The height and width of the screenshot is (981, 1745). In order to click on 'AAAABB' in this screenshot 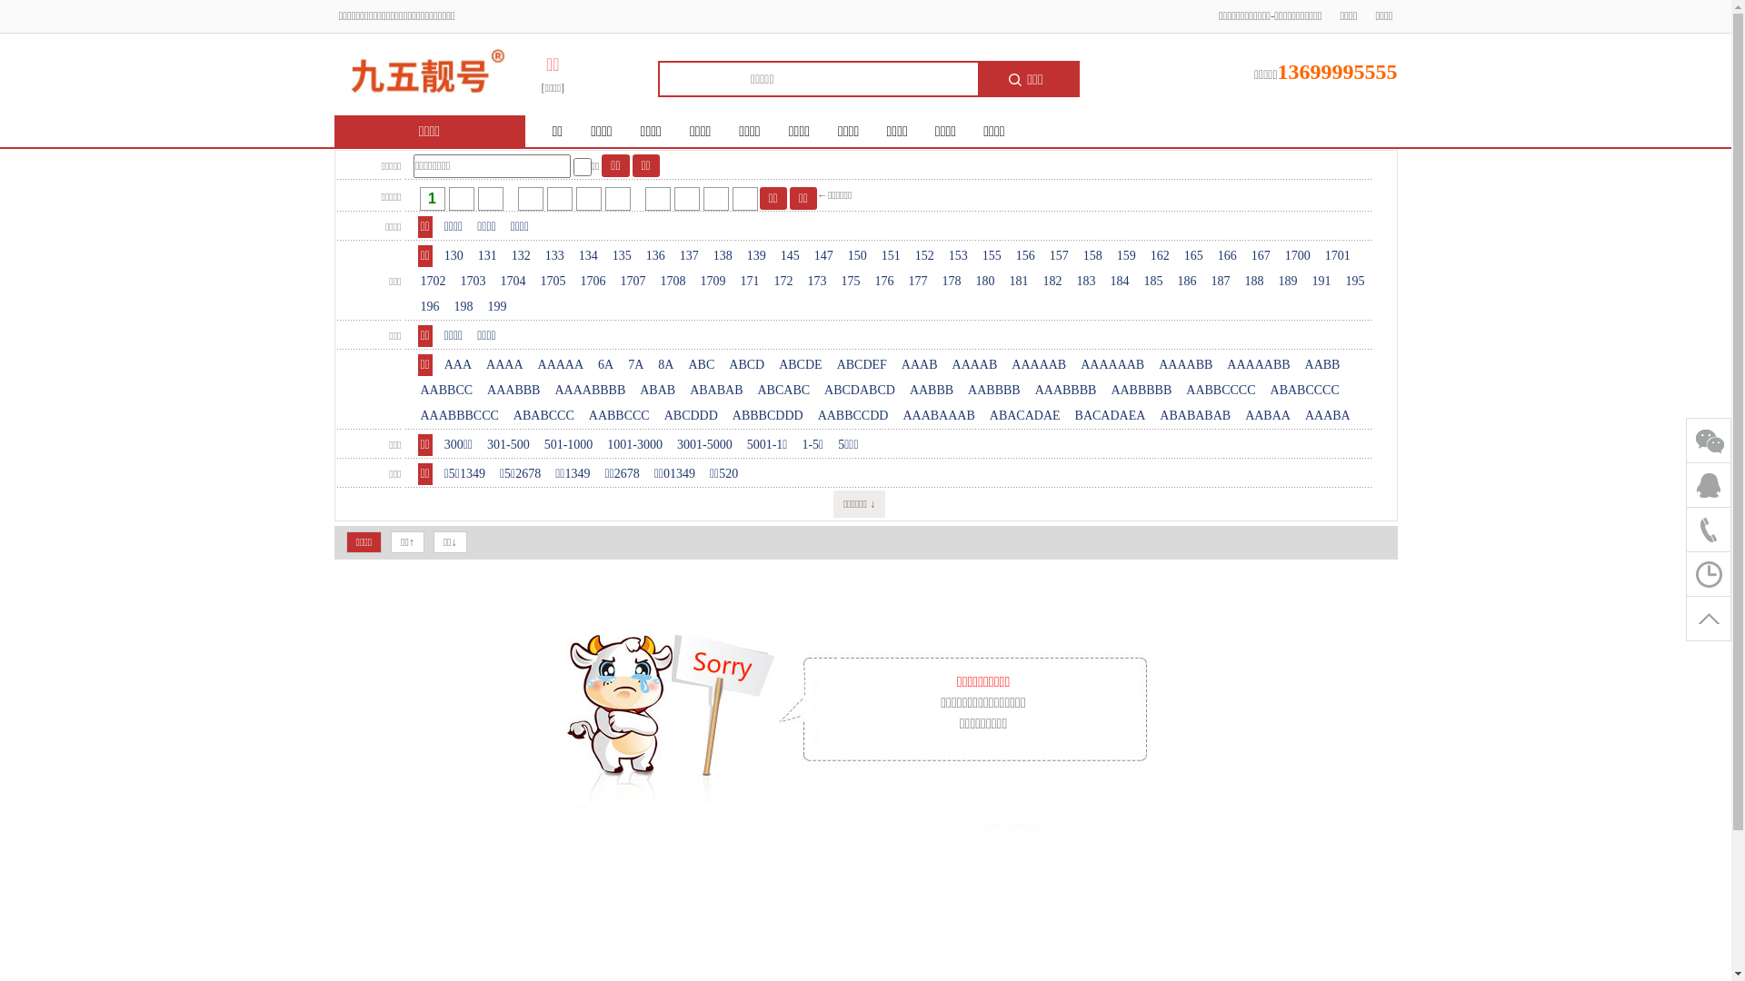, I will do `click(1185, 364)`.